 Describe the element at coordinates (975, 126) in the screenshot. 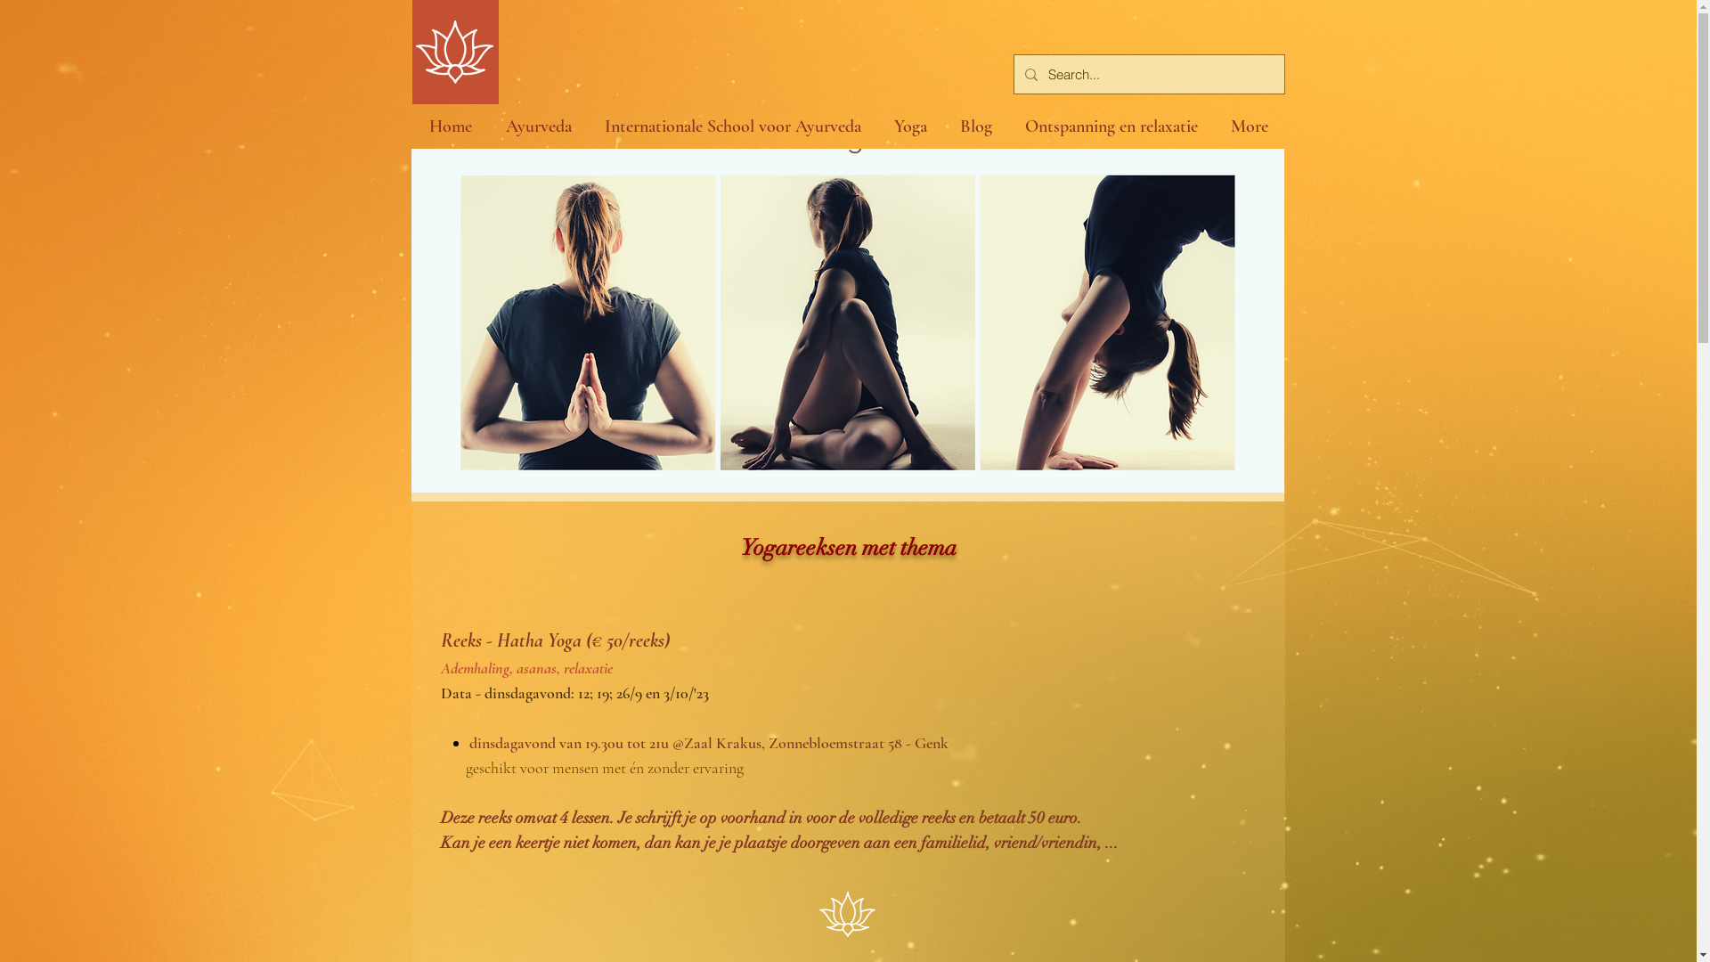

I see `'Blog'` at that location.